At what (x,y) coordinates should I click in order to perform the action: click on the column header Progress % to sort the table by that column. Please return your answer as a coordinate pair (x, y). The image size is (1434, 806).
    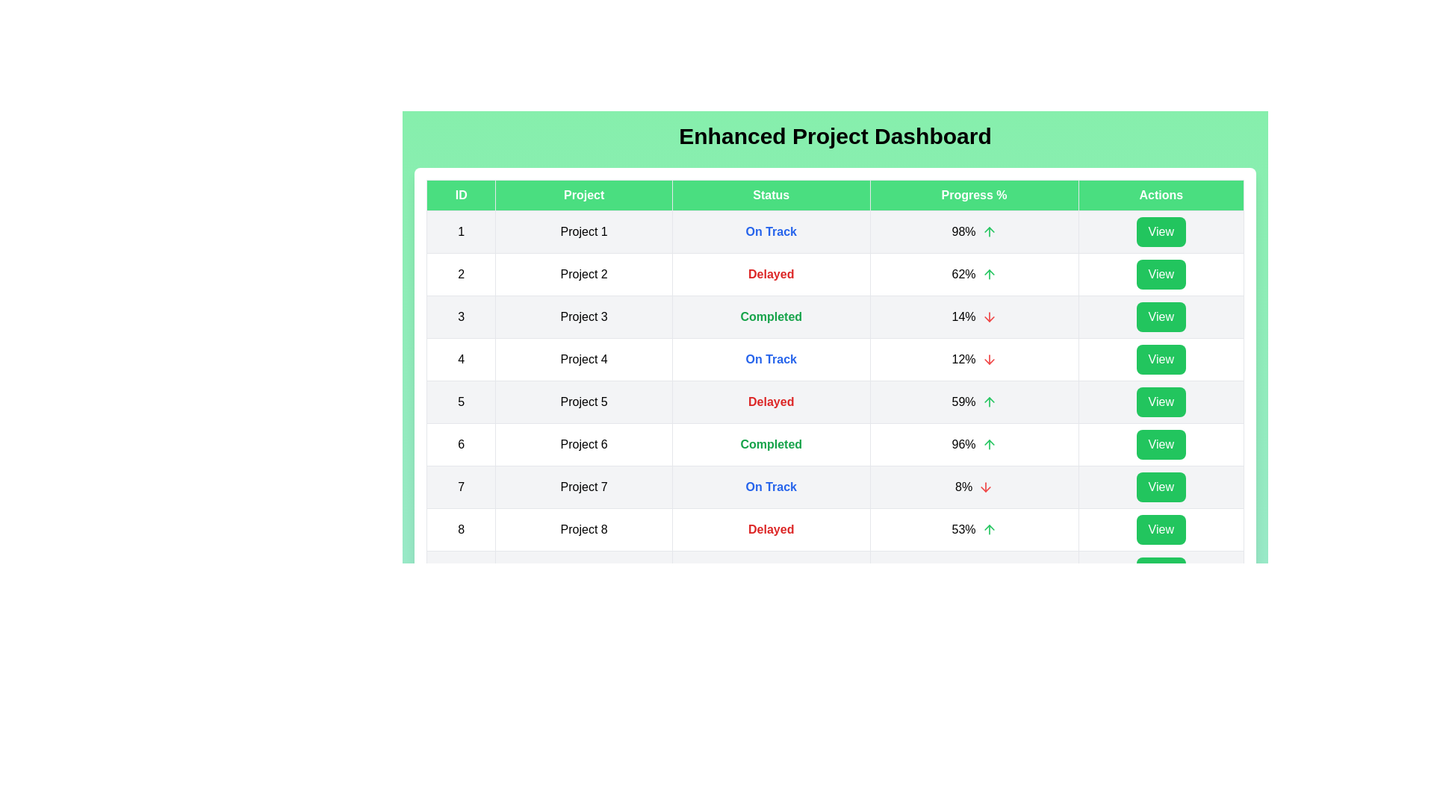
    Looking at the image, I should click on (974, 195).